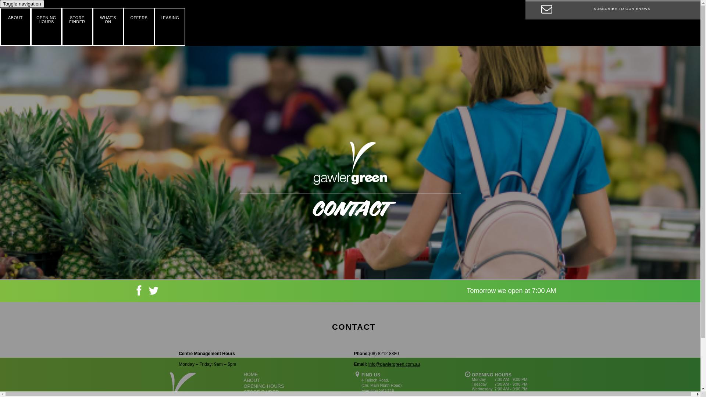  Describe the element at coordinates (46, 26) in the screenshot. I see `'OPENING HOURS'` at that location.